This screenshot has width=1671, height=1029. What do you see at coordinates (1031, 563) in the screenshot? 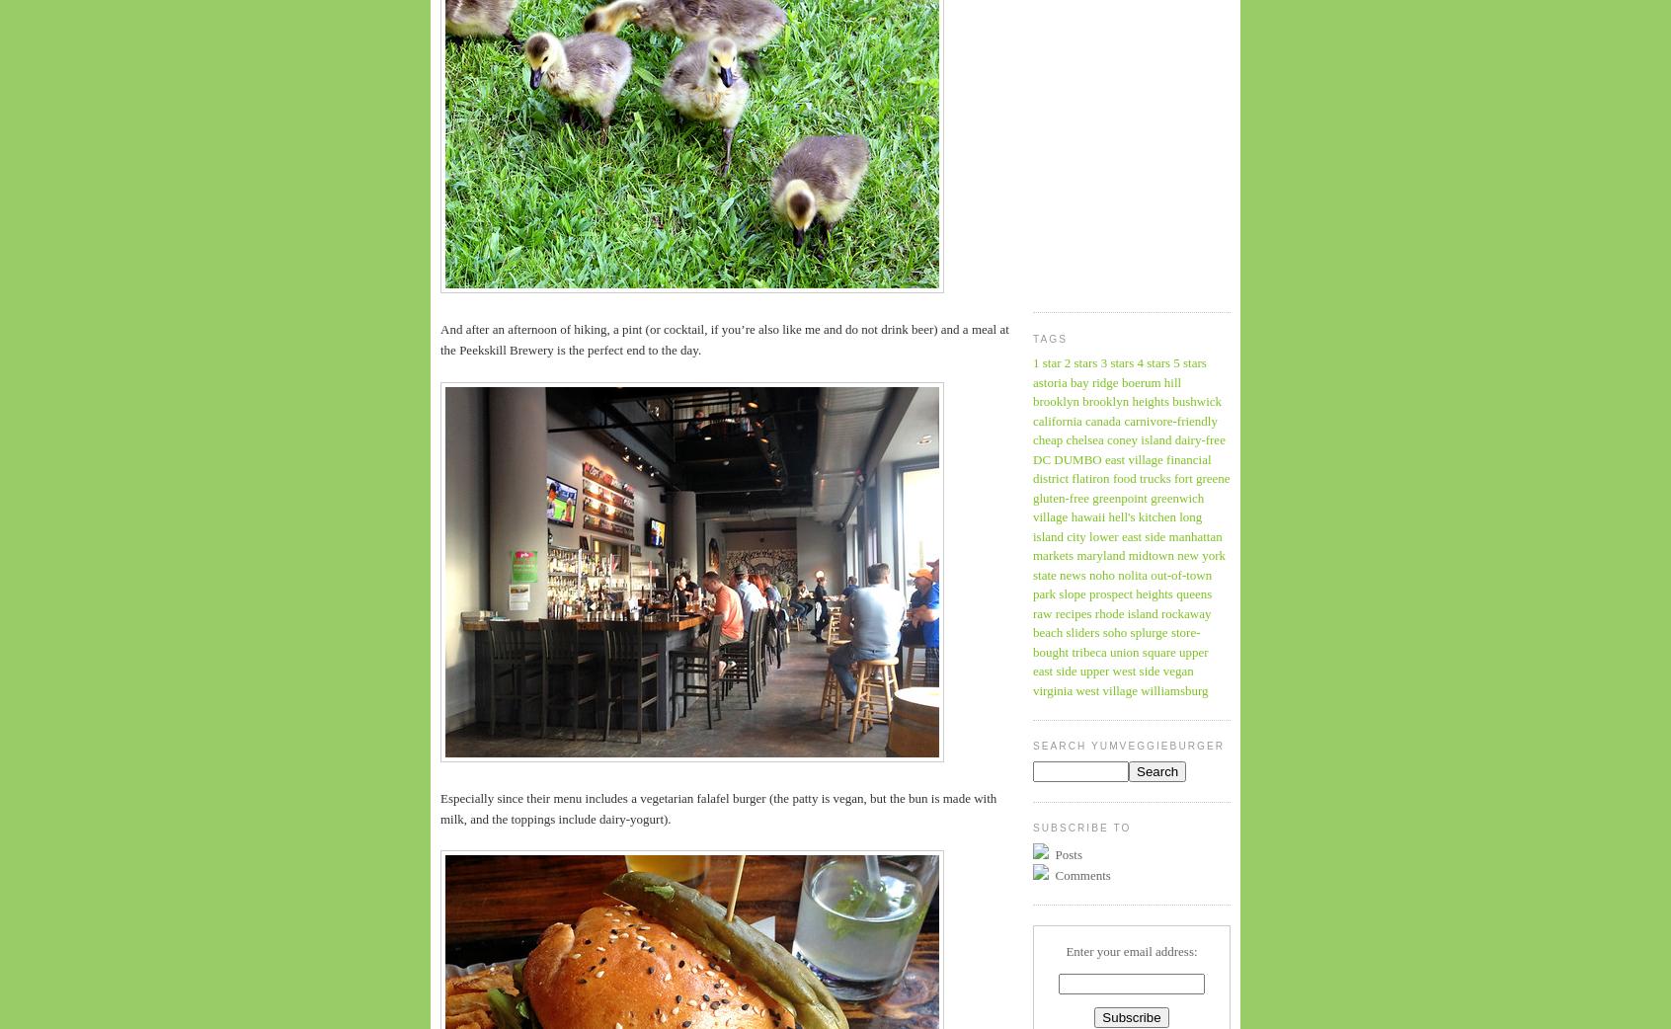
I see `'new york state'` at bounding box center [1031, 563].